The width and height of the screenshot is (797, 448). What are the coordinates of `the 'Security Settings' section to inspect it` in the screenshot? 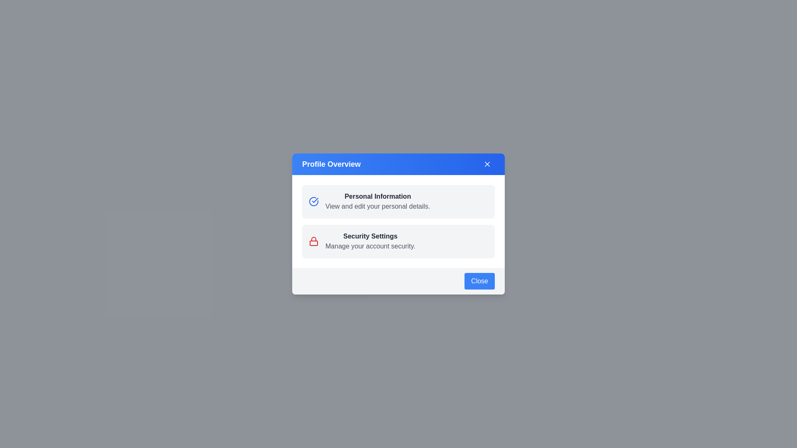 It's located at (398, 241).